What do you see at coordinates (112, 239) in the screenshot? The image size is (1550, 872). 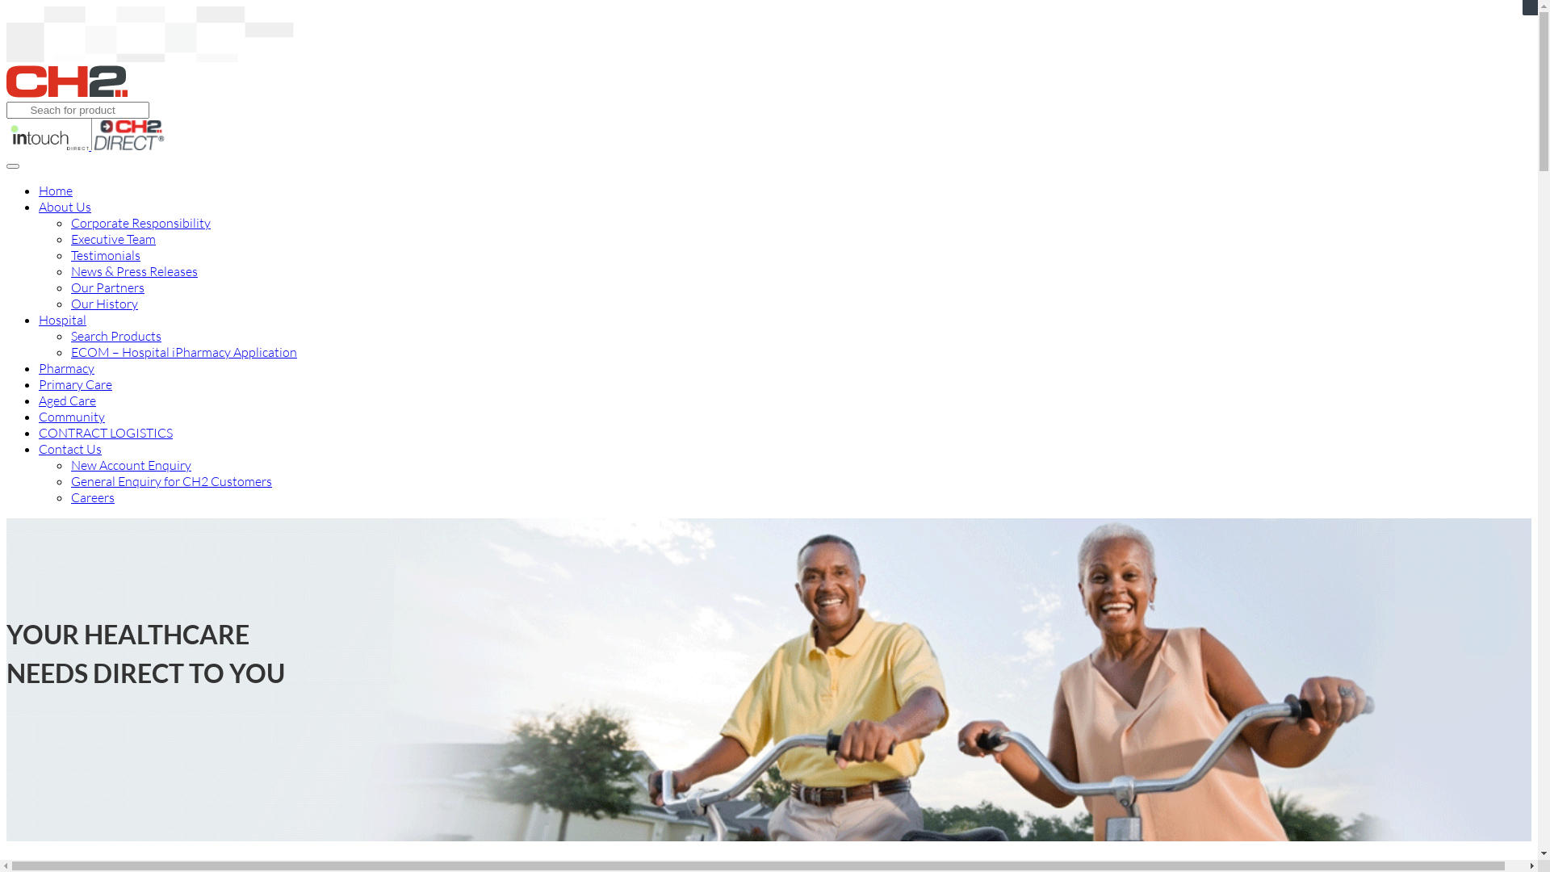 I see `'Executive Team'` at bounding box center [112, 239].